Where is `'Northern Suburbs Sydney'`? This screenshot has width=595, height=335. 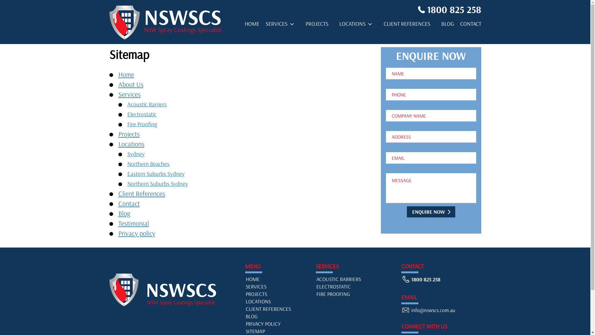 'Northern Suburbs Sydney' is located at coordinates (161, 183).